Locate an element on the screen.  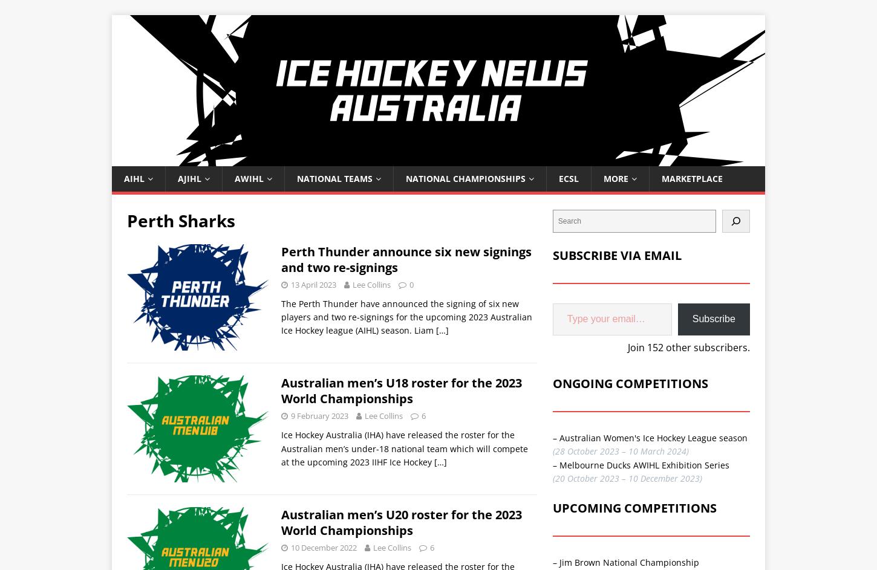
'Australian Women's Ice Hockey League season' is located at coordinates (558, 436).